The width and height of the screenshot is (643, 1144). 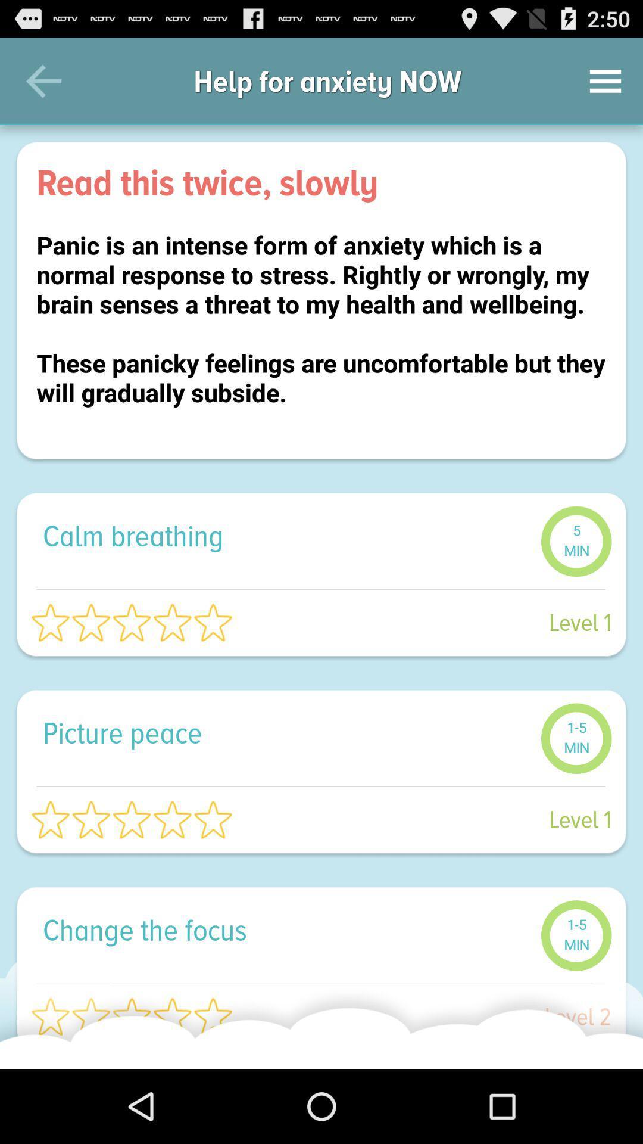 What do you see at coordinates (285, 732) in the screenshot?
I see `the picture peace item` at bounding box center [285, 732].